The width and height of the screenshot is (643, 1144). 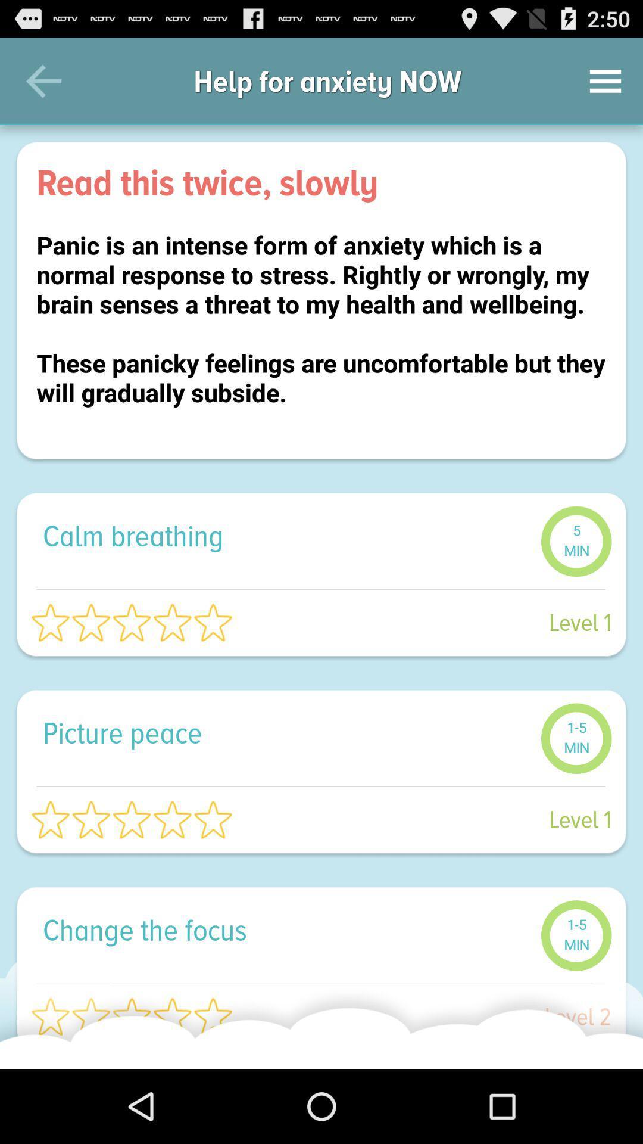 What do you see at coordinates (285, 732) in the screenshot?
I see `the picture peace item` at bounding box center [285, 732].